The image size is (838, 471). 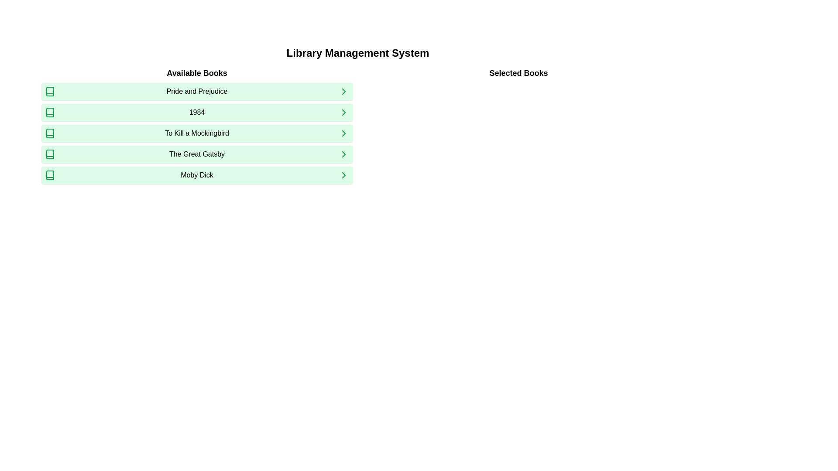 I want to click on the book icon with a green outline located to the left of the text '1984' in the 'Available Books' section, so click(x=50, y=112).